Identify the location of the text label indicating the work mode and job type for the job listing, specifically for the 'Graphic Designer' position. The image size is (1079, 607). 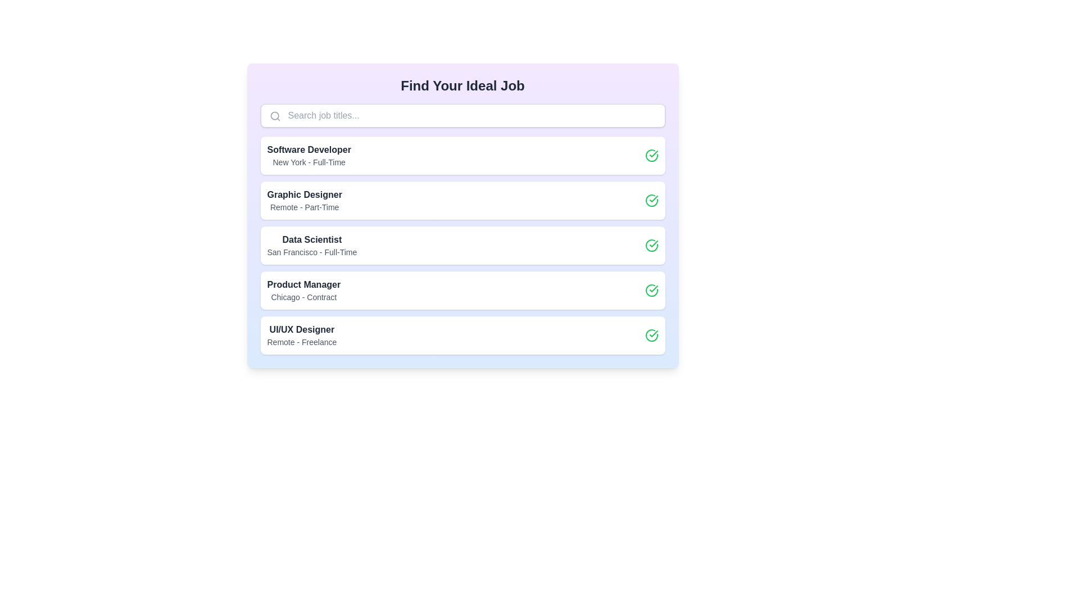
(305, 207).